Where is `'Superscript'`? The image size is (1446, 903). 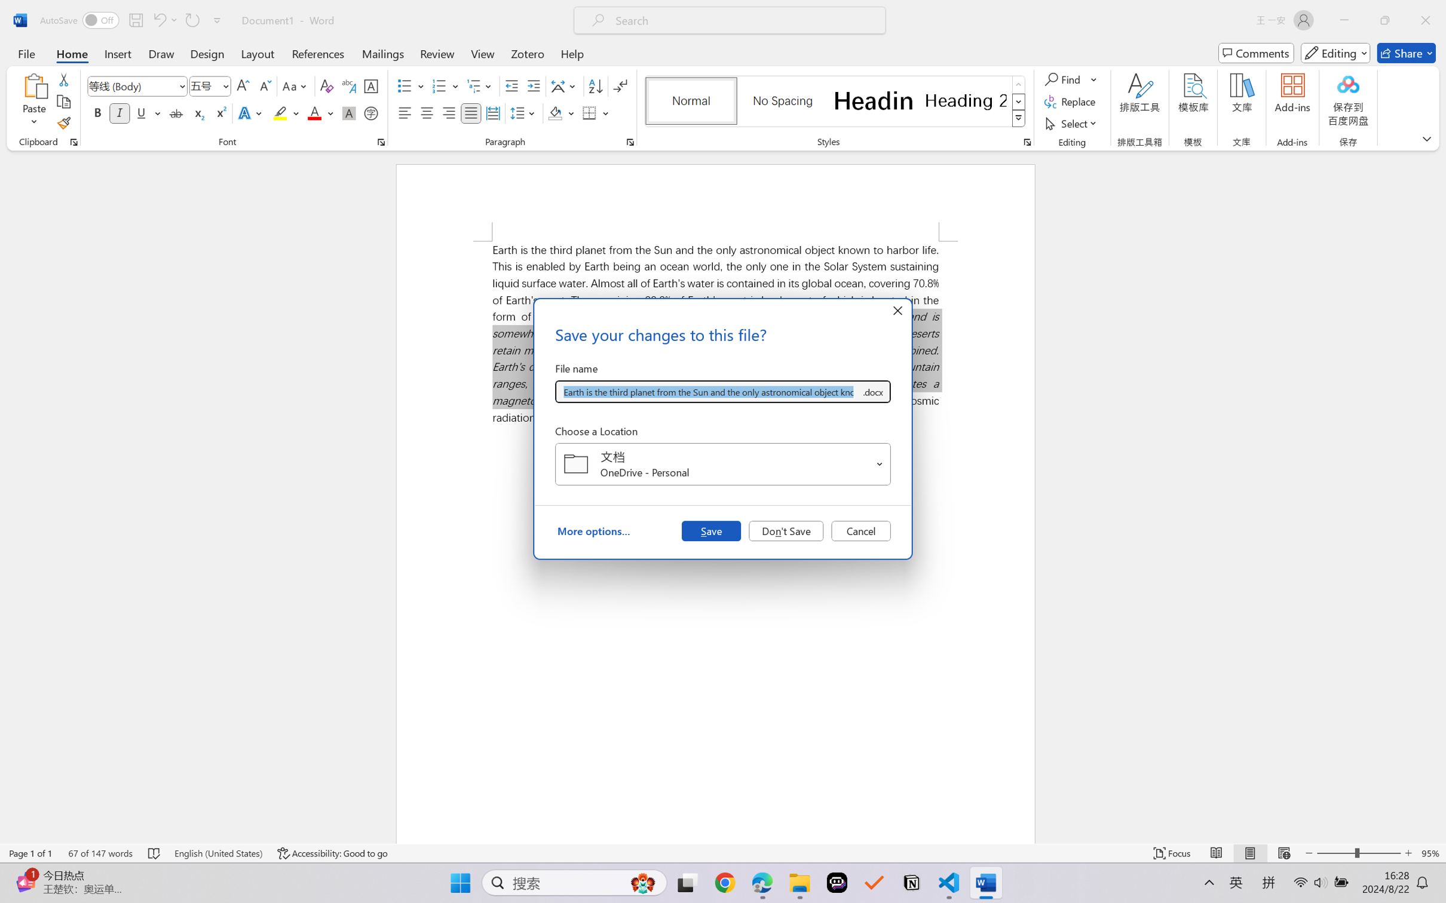
'Superscript' is located at coordinates (219, 112).